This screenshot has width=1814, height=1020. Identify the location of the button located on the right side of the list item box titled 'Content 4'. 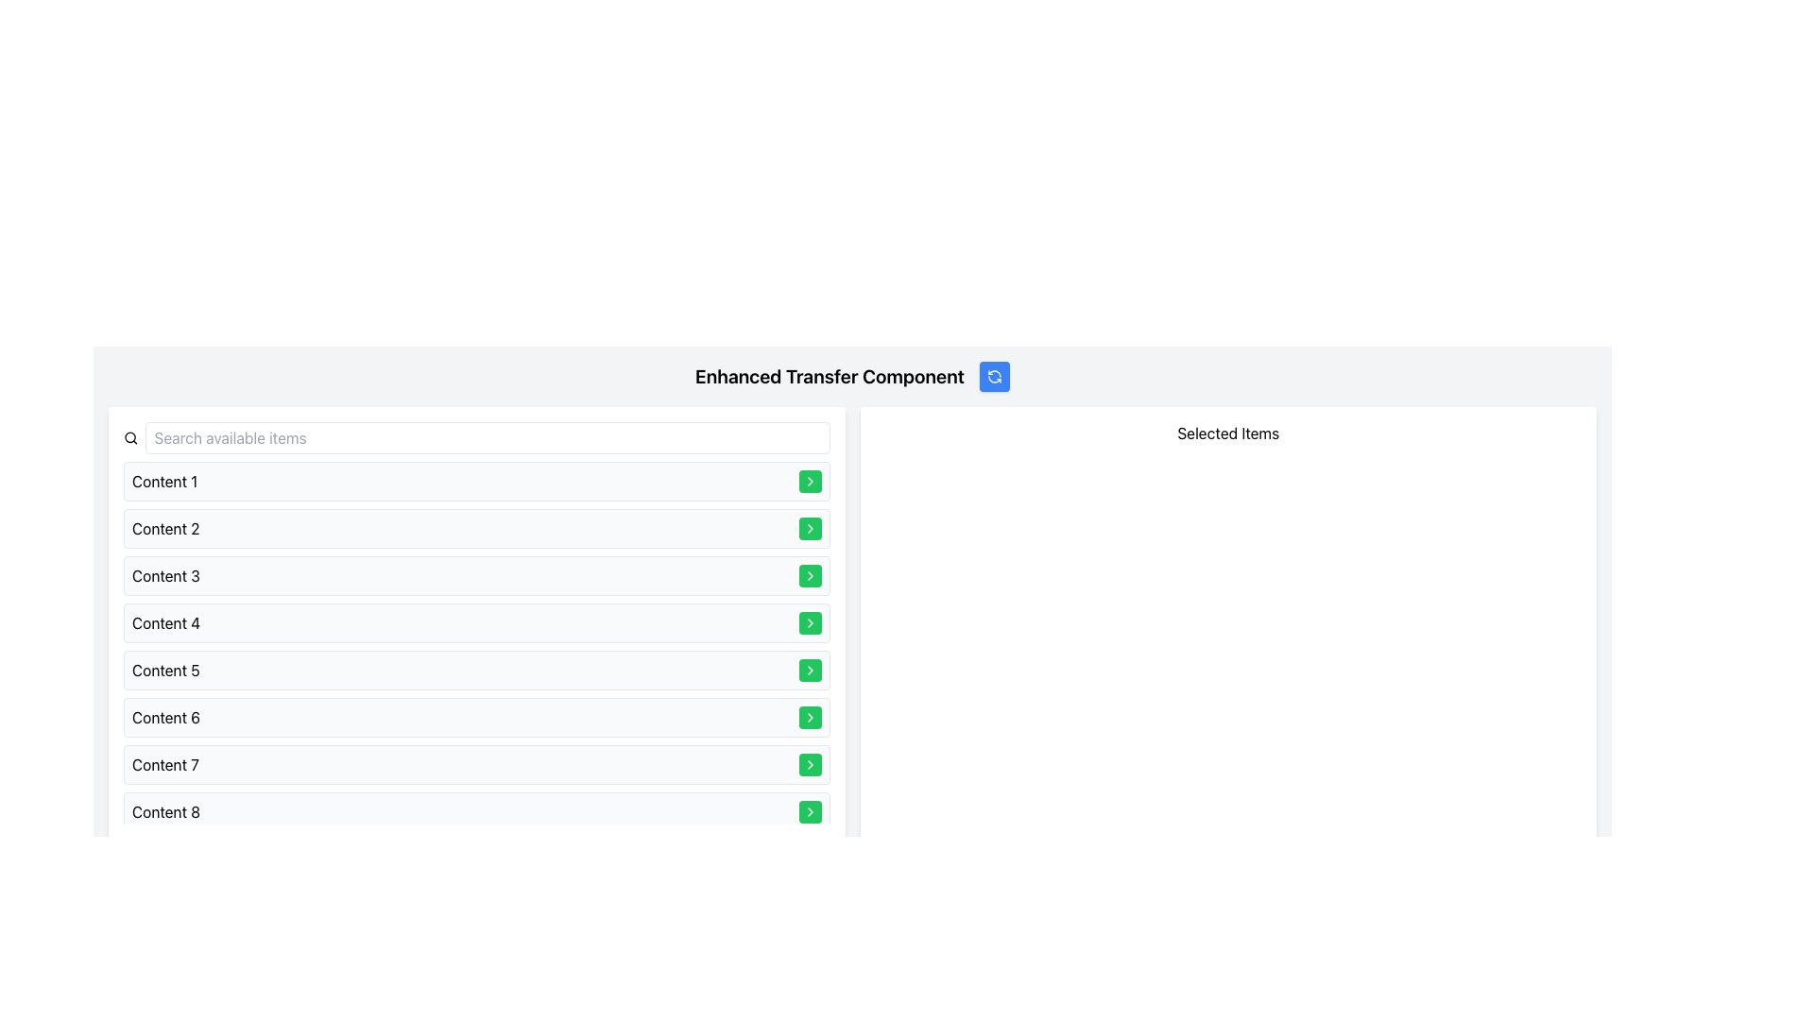
(810, 622).